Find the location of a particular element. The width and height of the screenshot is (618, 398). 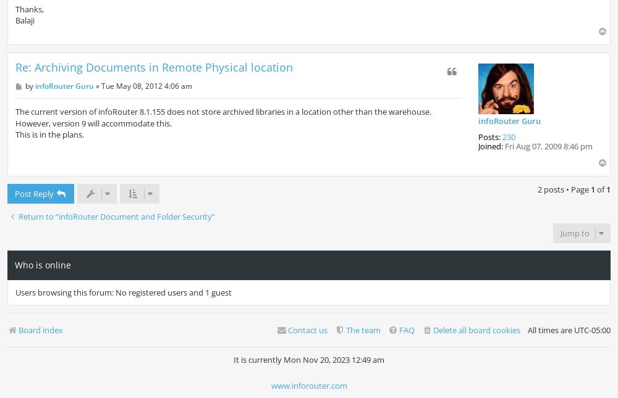

'by' is located at coordinates (25, 85).